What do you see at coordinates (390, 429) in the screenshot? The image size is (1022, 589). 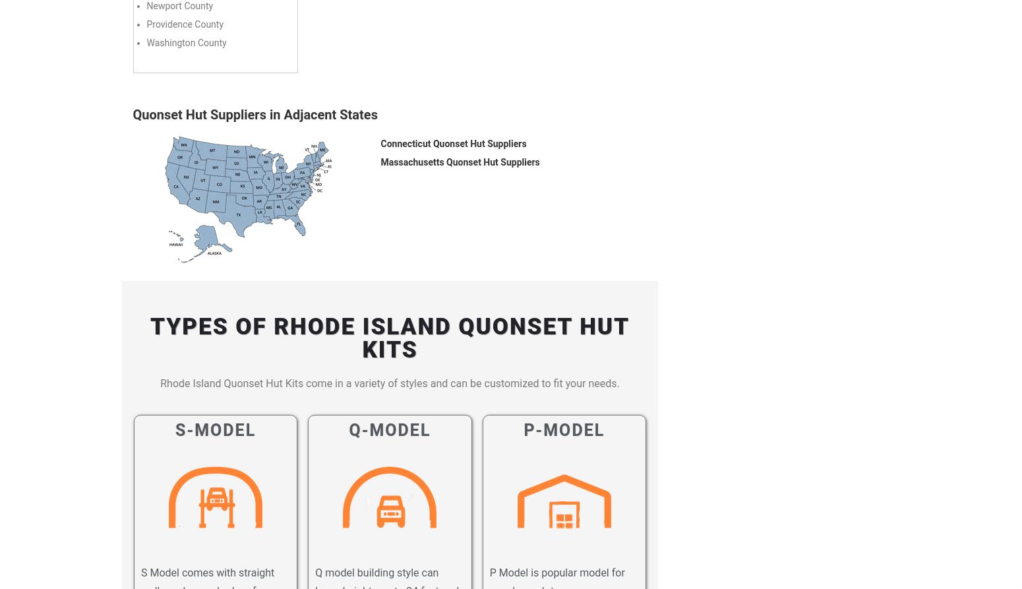 I see `'Q-Model'` at bounding box center [390, 429].